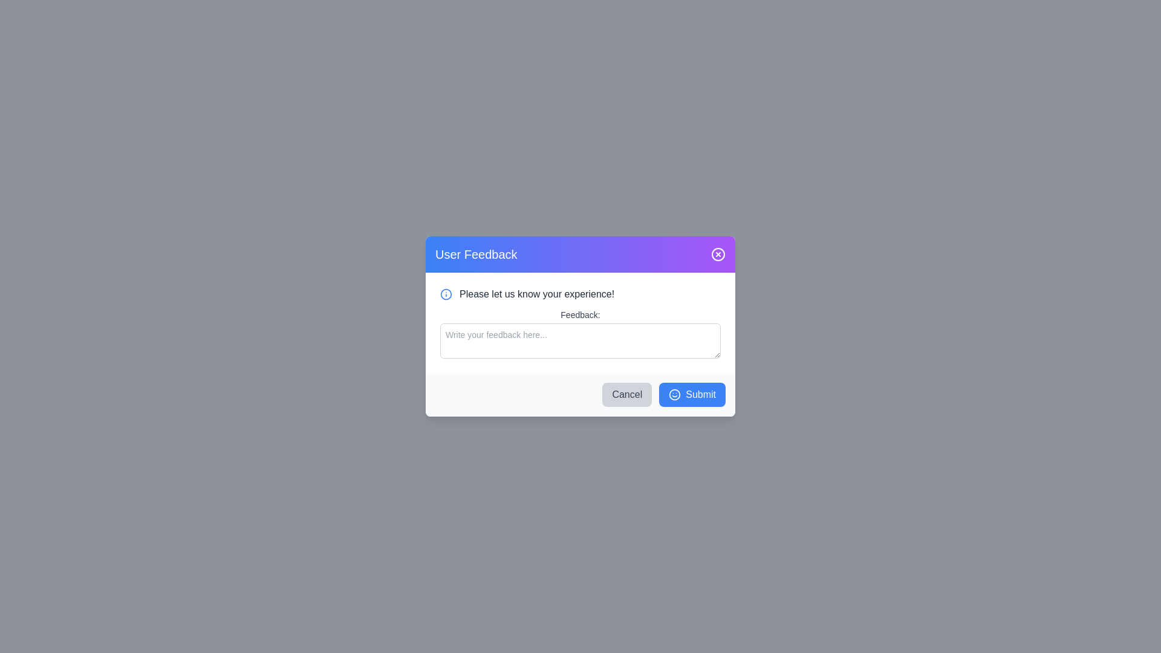  I want to click on the graphical design of the decorative icon positioned to the left of the 'Submit' button text, so click(674, 394).